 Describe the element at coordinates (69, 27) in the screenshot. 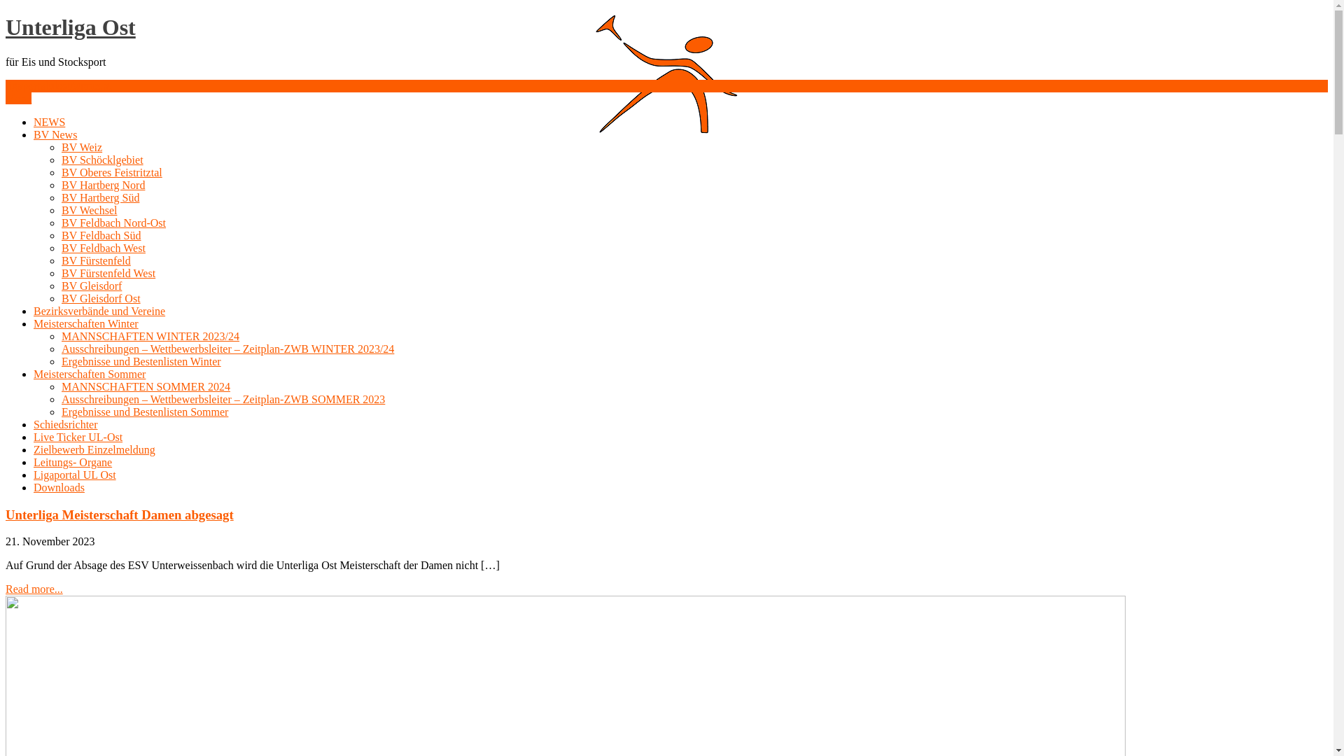

I see `'Unterliga Ost'` at that location.